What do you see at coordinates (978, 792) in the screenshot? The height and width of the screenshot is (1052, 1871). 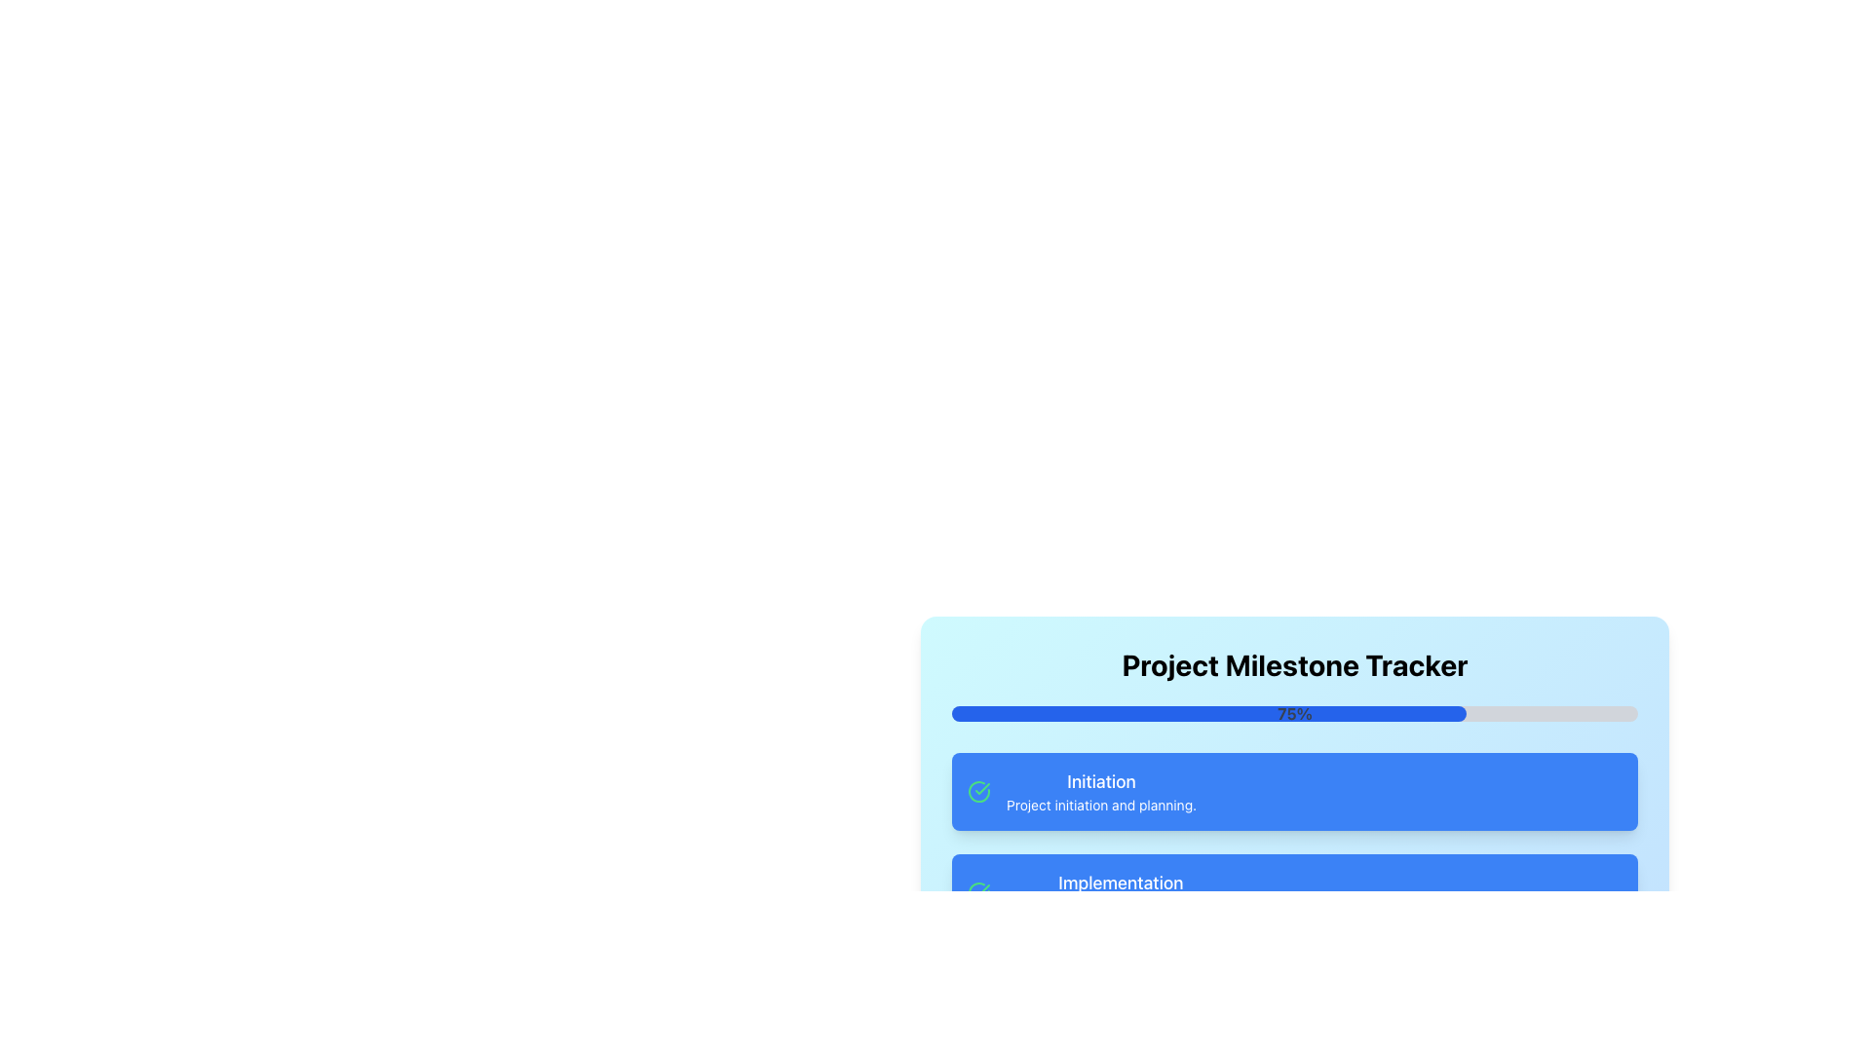 I see `the visual indicator icon that denotes the completed or active status of the 'Initiation' step in the project milestone tracker, located at the left end of the row labeled 'Initiation'` at bounding box center [978, 792].